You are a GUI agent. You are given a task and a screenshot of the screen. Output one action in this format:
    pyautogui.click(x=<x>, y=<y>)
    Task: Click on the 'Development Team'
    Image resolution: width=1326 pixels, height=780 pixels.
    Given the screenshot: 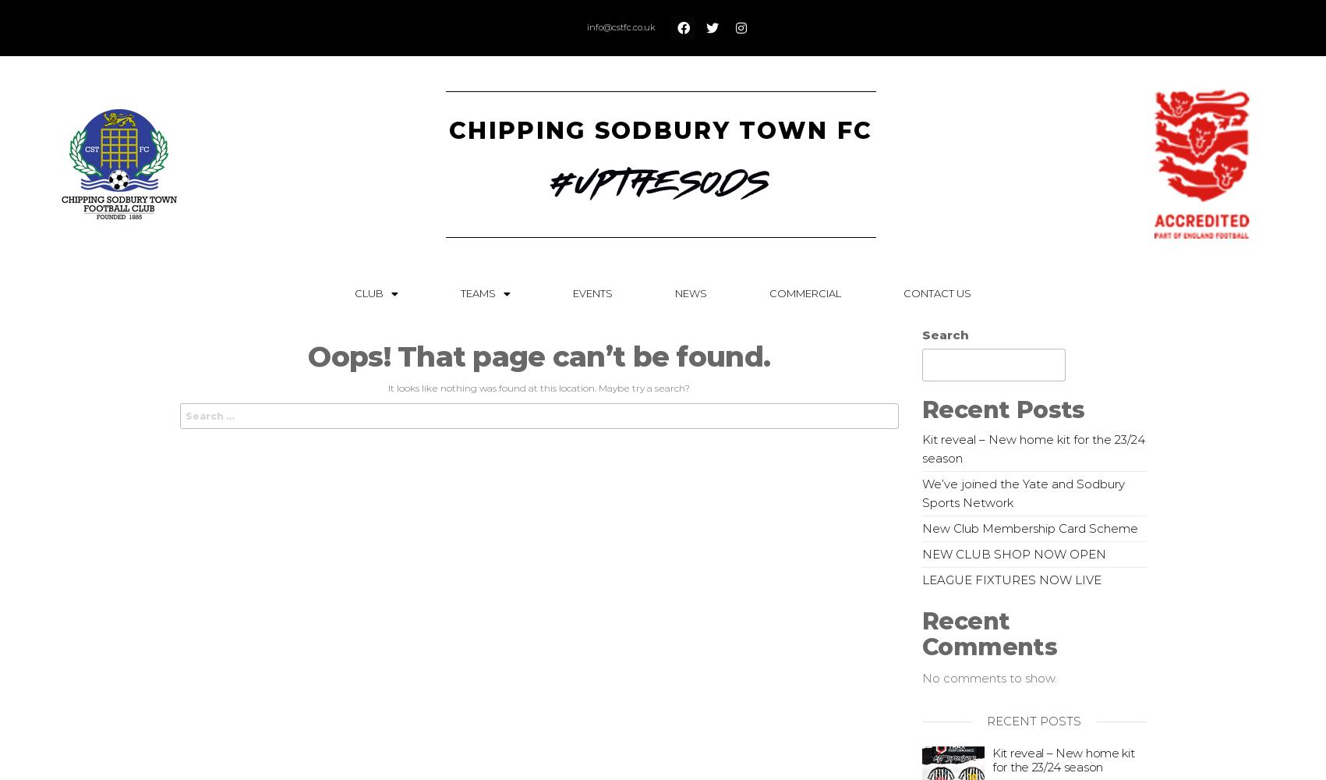 What is the action you would take?
    pyautogui.click(x=495, y=392)
    